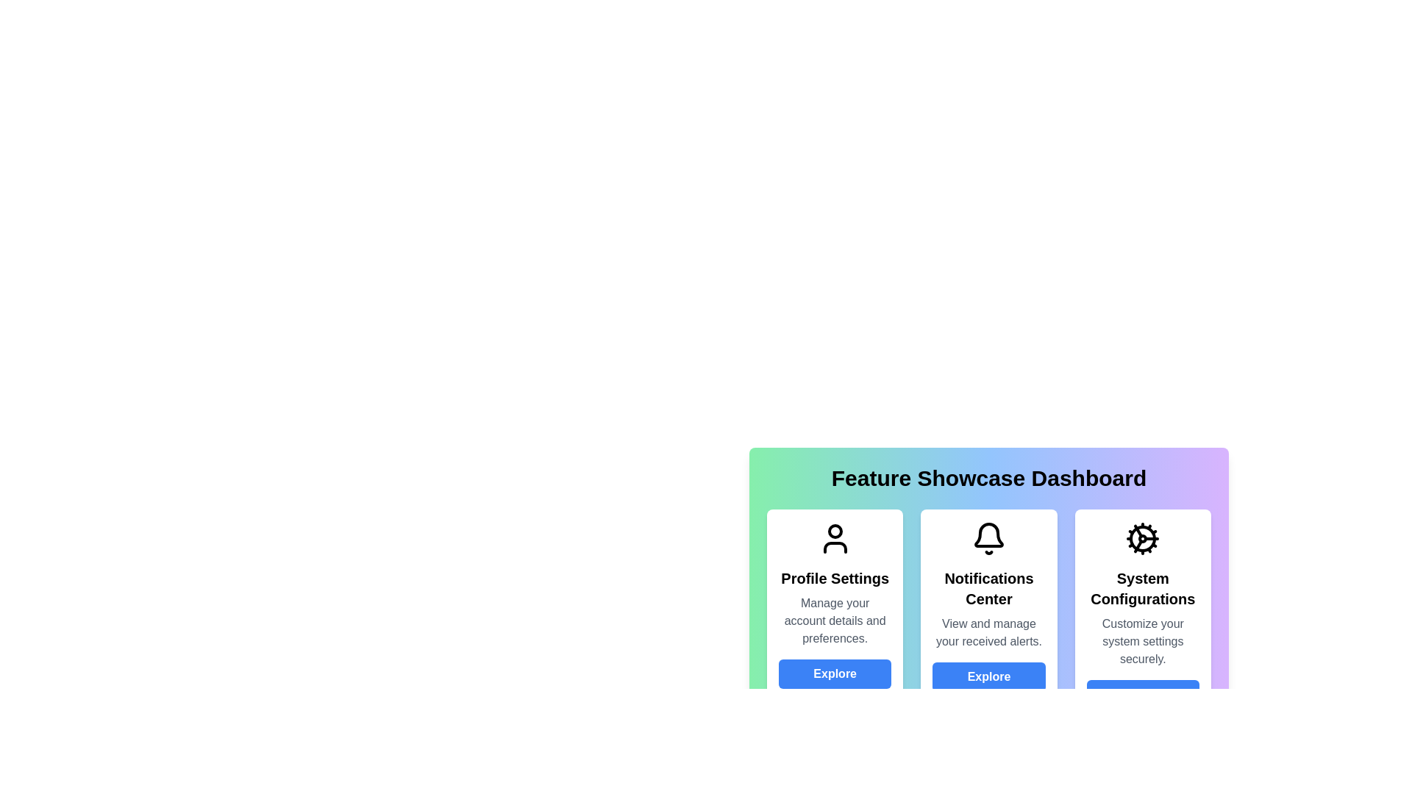  I want to click on the Text Label element that displays 'System Configurations', which is centrally positioned within the rightmost card of the dashboard, so click(1142, 588).